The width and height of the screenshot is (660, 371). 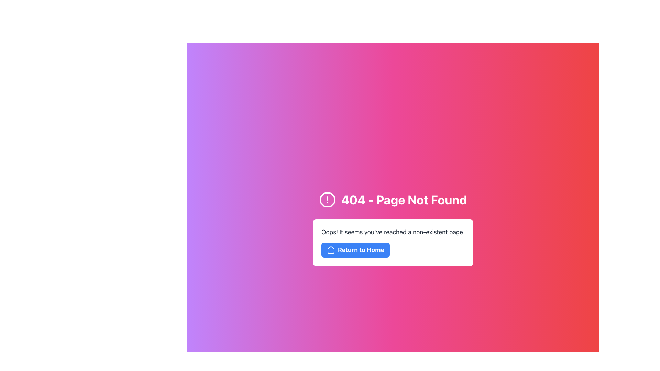 What do you see at coordinates (355, 250) in the screenshot?
I see `the navigation button located below the text 'Oops! It seems you've reached a non-existent page.' to return to the home page of the application` at bounding box center [355, 250].